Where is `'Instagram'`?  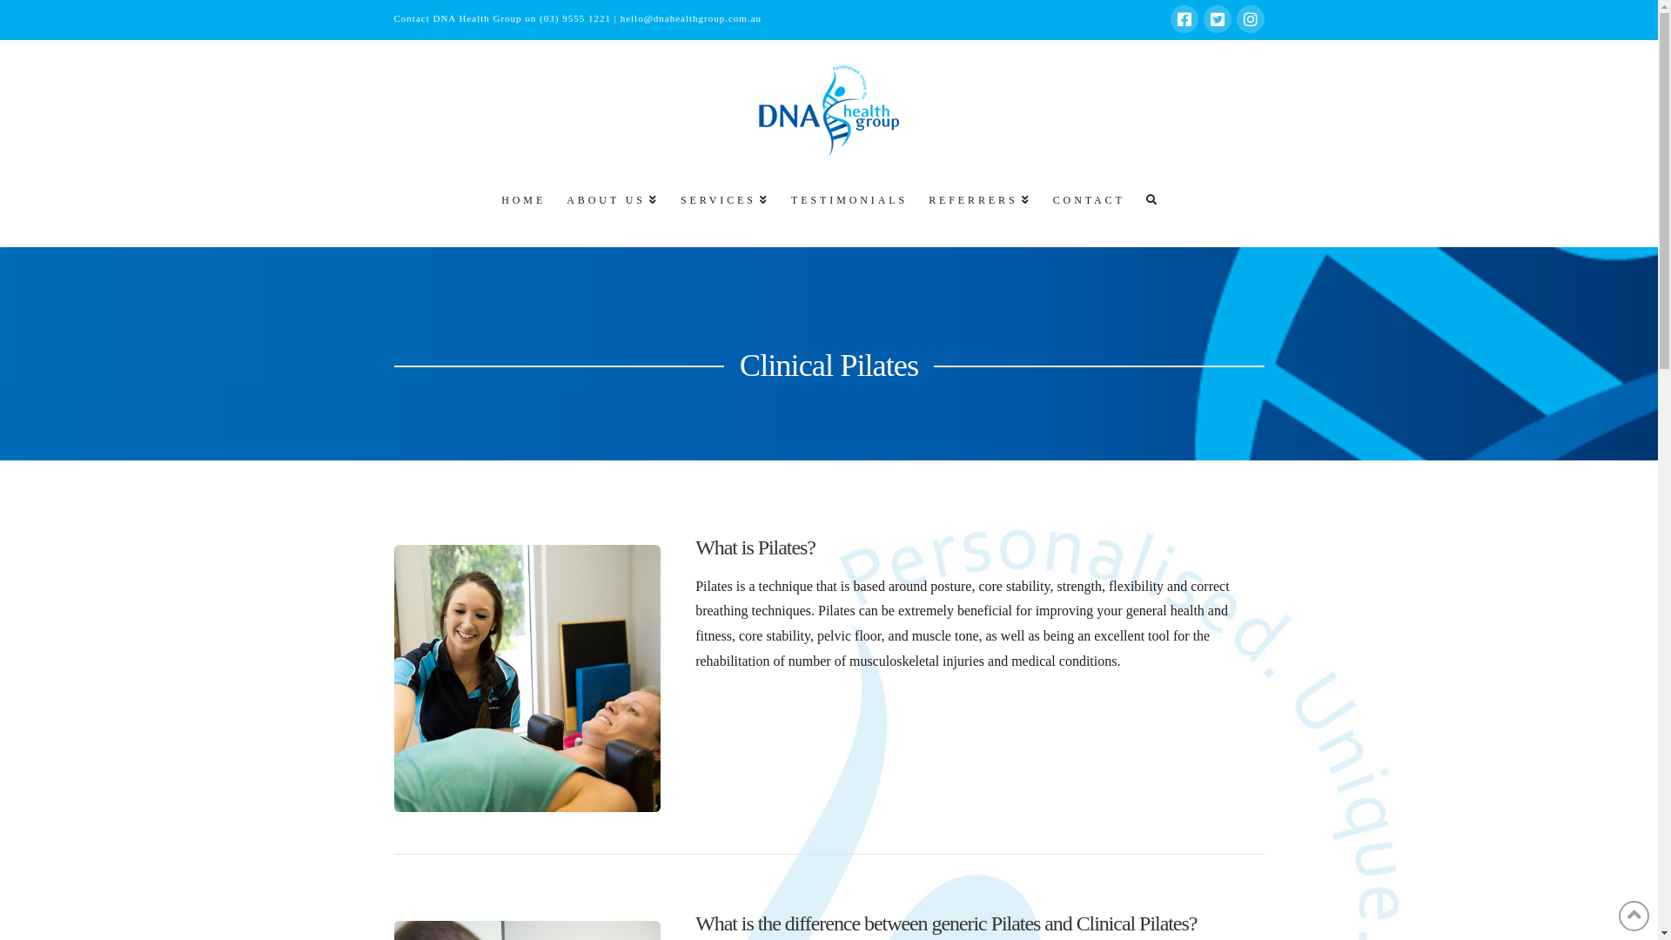 'Instagram' is located at coordinates (1235, 19).